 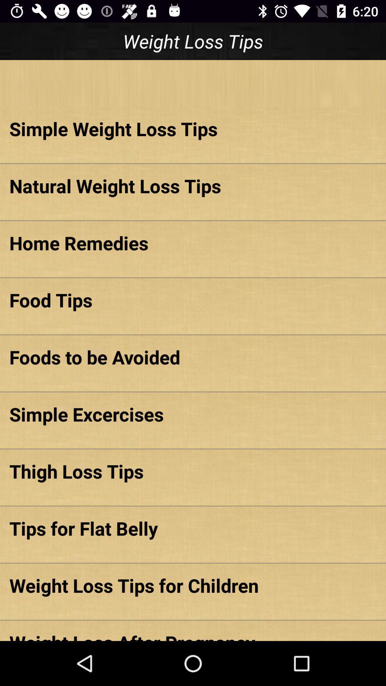 I want to click on app above foods to be item, so click(x=193, y=300).